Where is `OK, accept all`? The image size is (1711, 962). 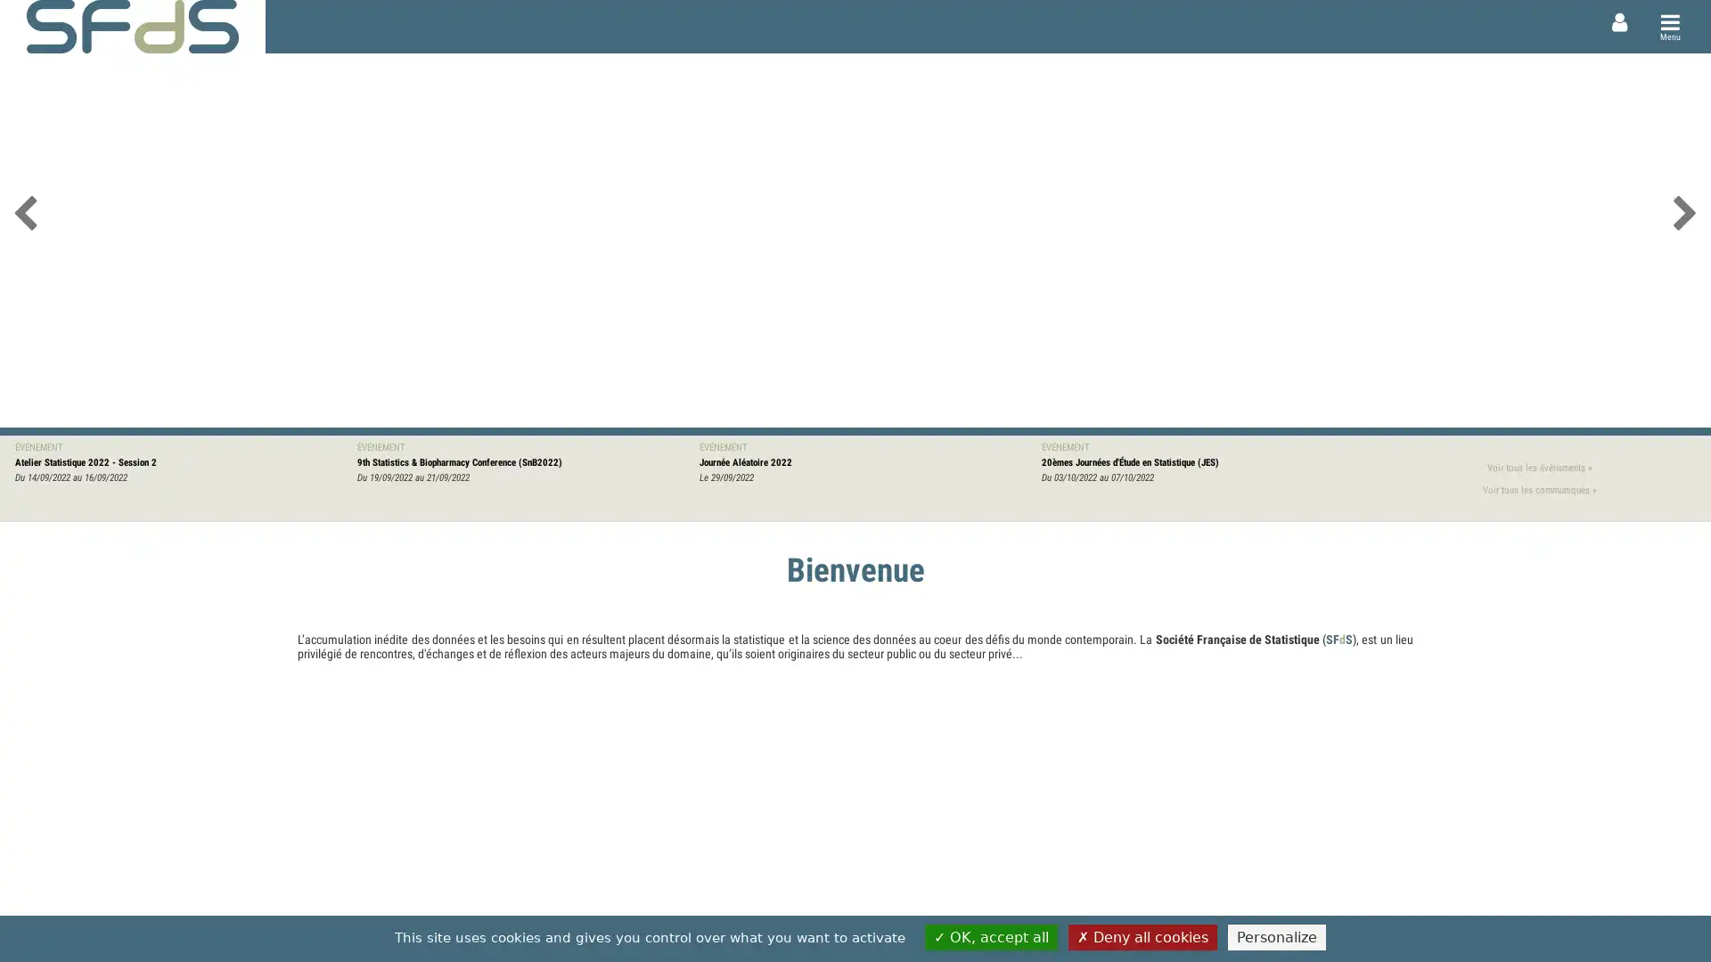 OK, accept all is located at coordinates (989, 936).